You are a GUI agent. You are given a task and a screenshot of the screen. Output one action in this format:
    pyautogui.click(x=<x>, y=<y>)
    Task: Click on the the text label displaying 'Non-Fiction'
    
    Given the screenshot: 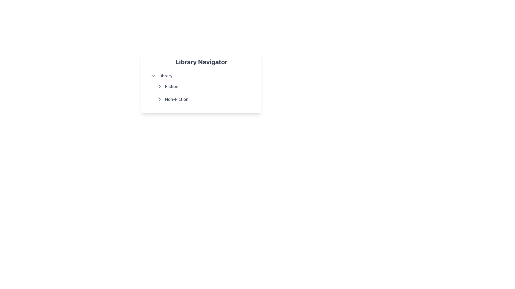 What is the action you would take?
    pyautogui.click(x=176, y=99)
    